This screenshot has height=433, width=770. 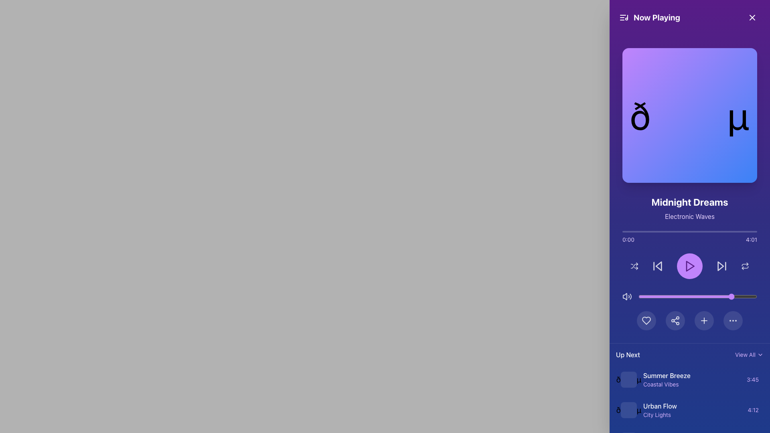 I want to click on the circular playback control button, which is the third element in the row of playback control buttons, to change its color, so click(x=689, y=266).